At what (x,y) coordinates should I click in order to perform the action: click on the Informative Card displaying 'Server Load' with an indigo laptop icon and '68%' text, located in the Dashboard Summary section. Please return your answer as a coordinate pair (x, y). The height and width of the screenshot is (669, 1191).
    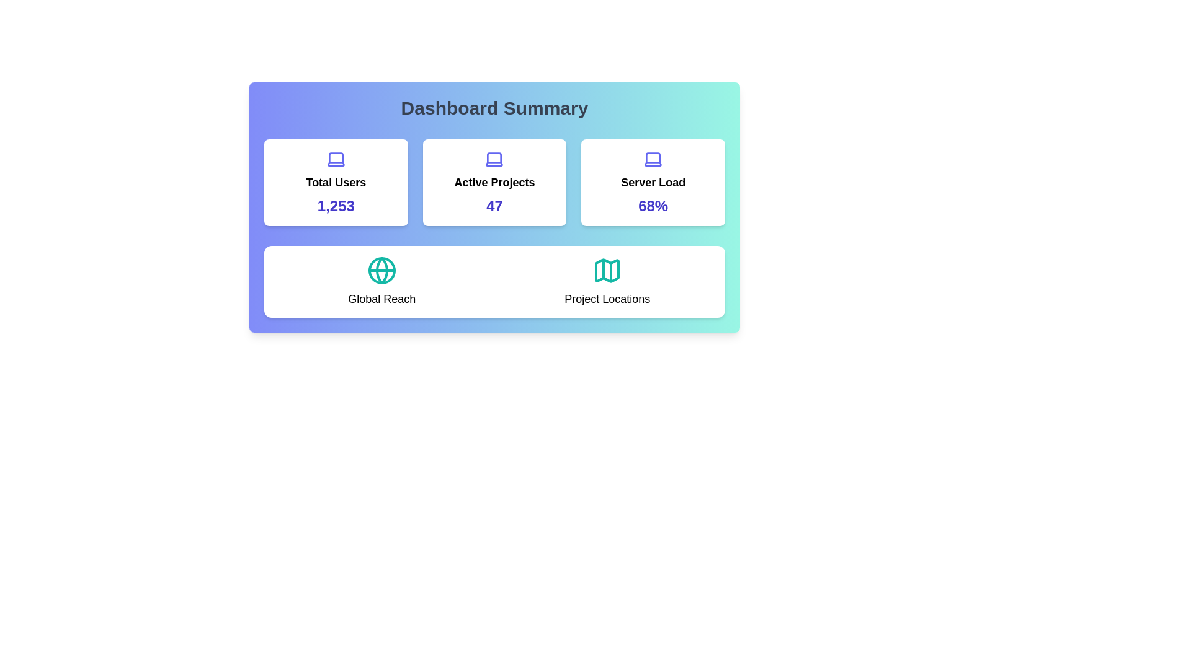
    Looking at the image, I should click on (653, 182).